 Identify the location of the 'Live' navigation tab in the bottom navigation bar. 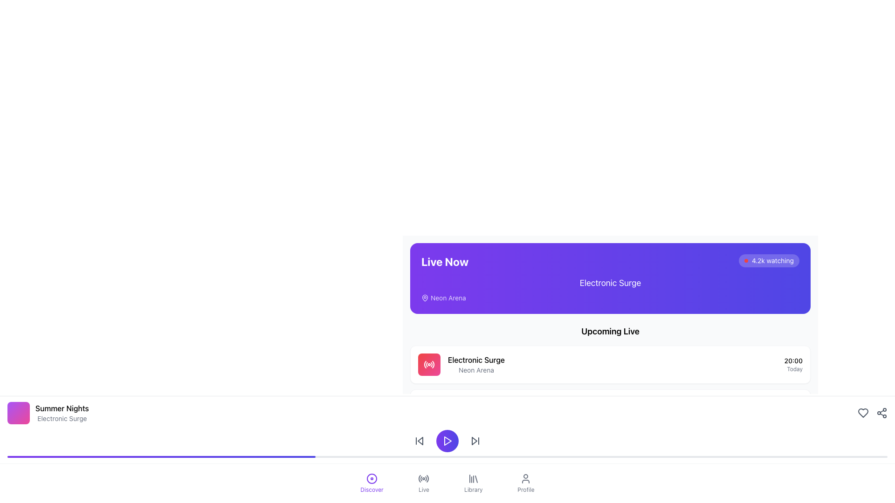
(423, 483).